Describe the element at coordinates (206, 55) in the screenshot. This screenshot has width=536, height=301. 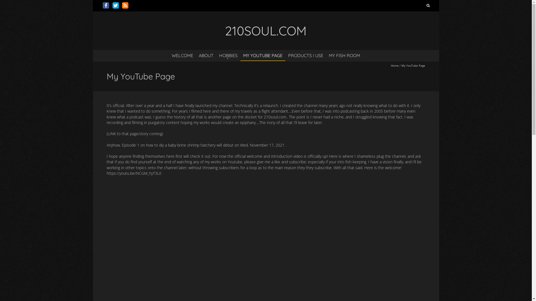
I see `'ABOUT'` at that location.